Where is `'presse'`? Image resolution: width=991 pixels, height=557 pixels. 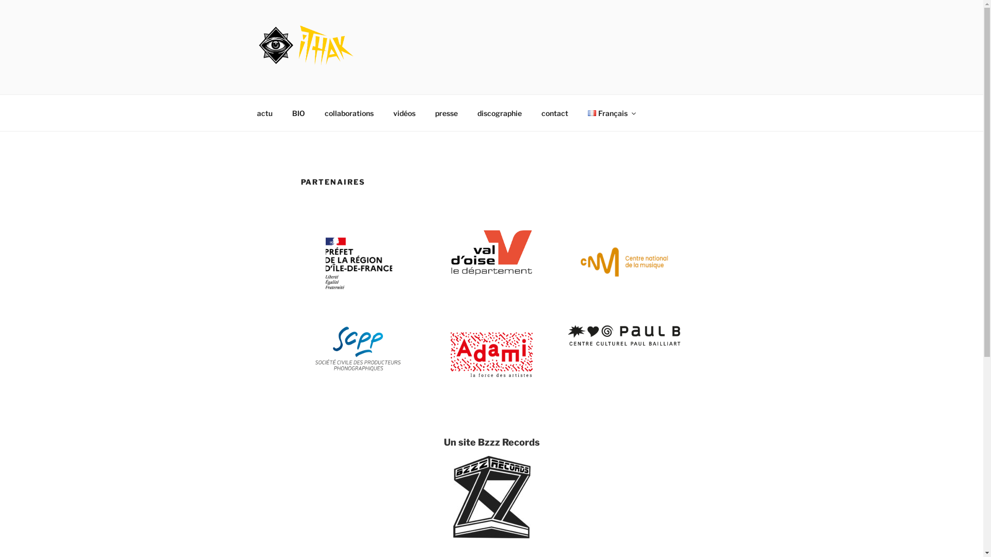
'presse' is located at coordinates (446, 112).